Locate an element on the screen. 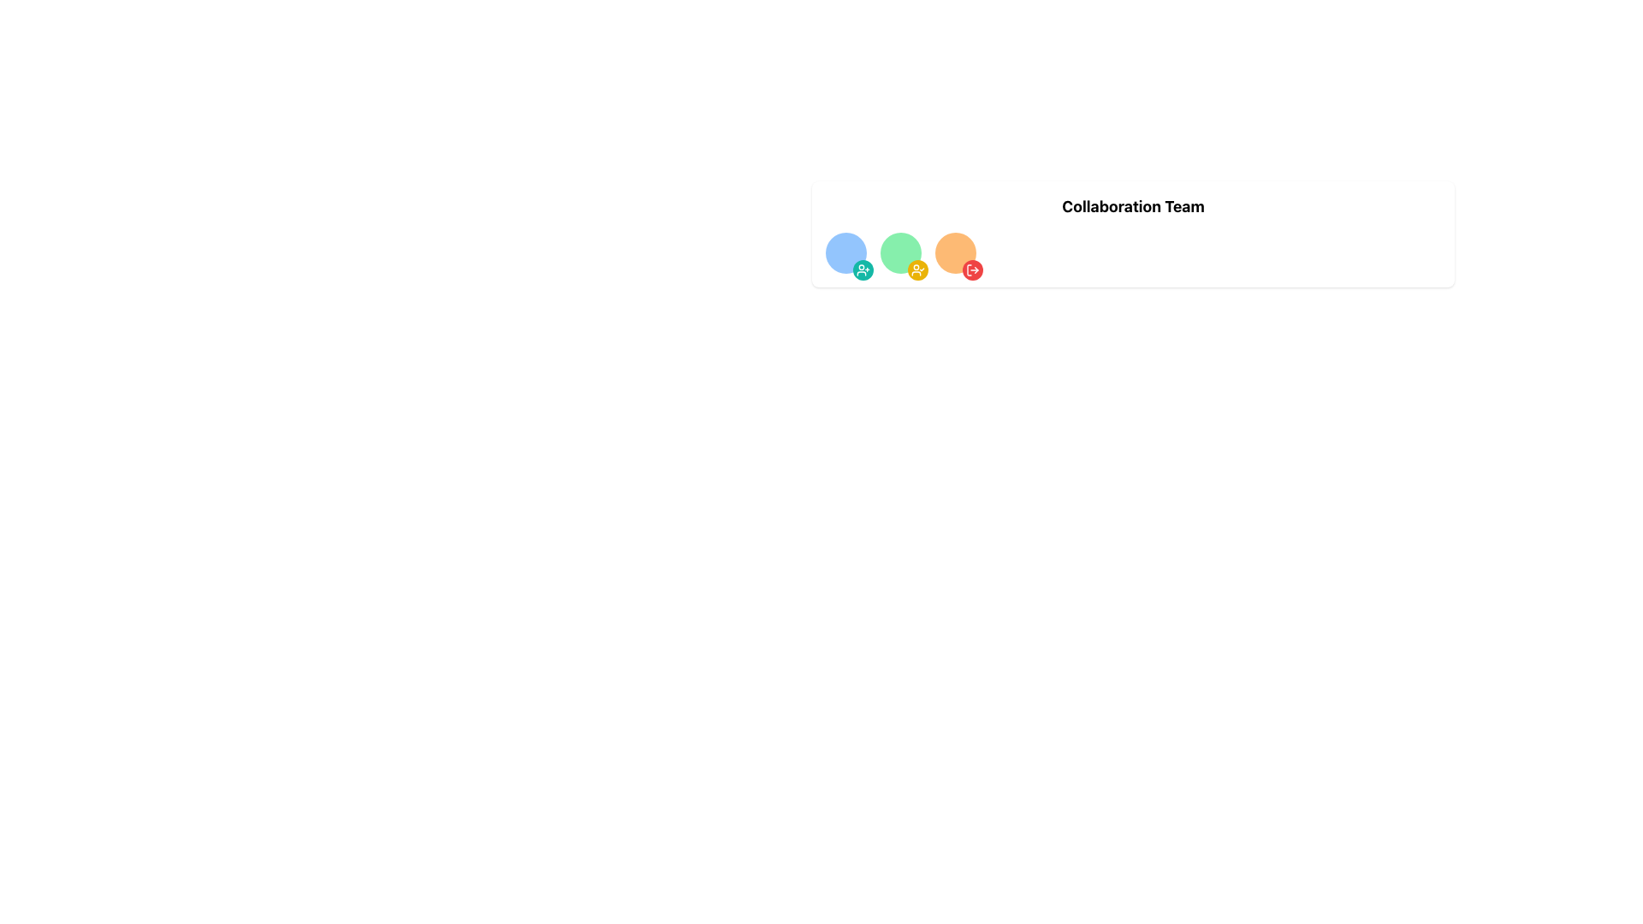 The image size is (1643, 924). the badge or status indicator that visually indicates a confirmation or approved status, located at the bottom-right of the main green circular element is located at coordinates (917, 269).